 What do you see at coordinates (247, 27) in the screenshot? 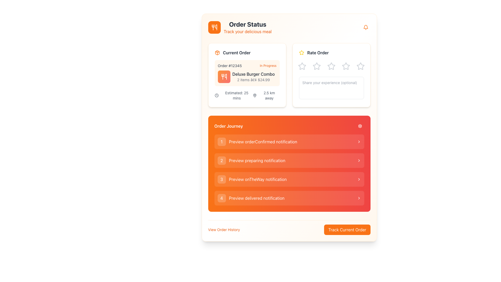
I see `the 'Order Status' text label that displays 'Track your delicious meal' underneath it, located to the right of the orange utensils icon at the top left corner of the application interface` at bounding box center [247, 27].